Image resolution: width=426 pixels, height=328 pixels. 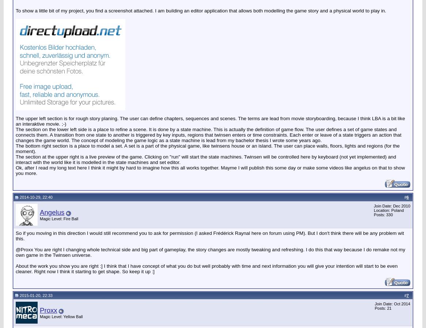 I want to click on 'Proxx', so click(x=48, y=310).